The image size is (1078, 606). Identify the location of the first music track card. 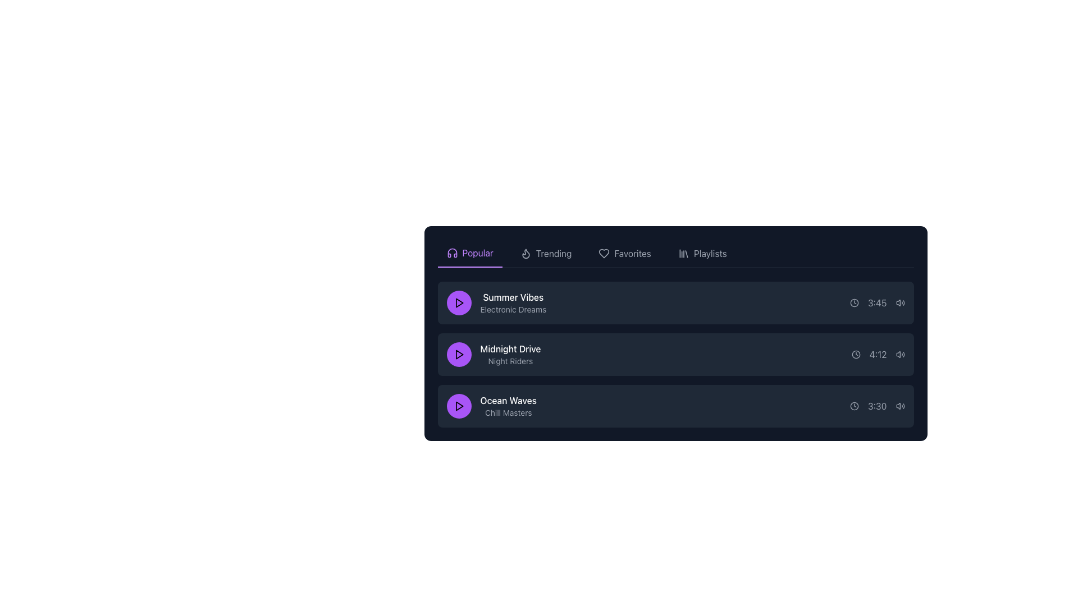
(675, 303).